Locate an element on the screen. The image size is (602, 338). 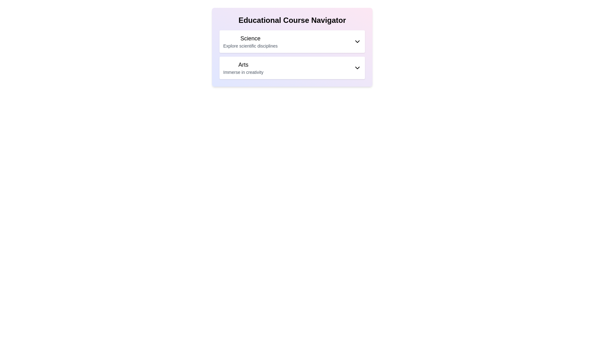
the text block containing the word 'Arts' in bold font and the subtitle 'Immerse in creativity' to select the text is located at coordinates (243, 68).